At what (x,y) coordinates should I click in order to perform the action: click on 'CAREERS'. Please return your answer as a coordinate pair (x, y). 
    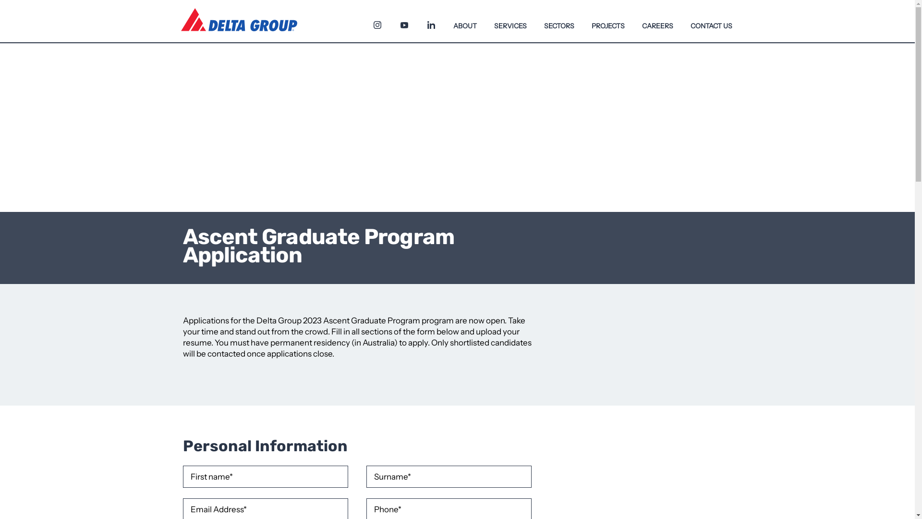
    Looking at the image, I should click on (656, 21).